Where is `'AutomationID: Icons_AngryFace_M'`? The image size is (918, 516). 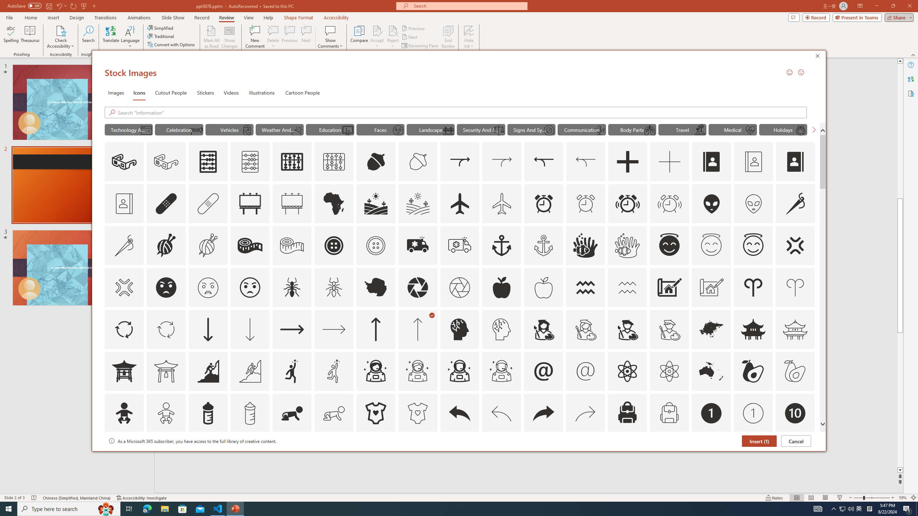
'AutomationID: Icons_AngryFace_M' is located at coordinates (207, 287).